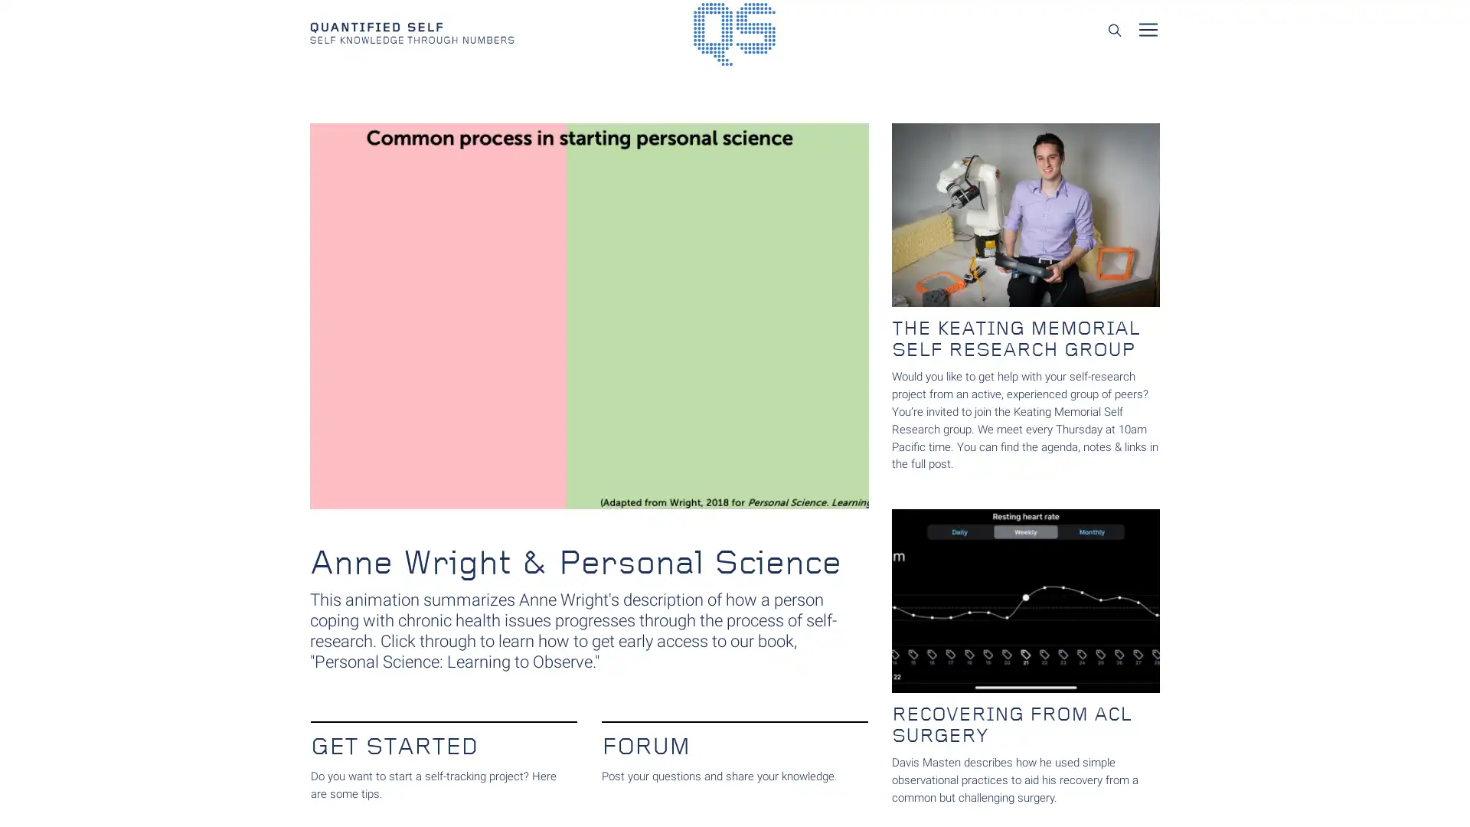 This screenshot has height=827, width=1470. Describe the element at coordinates (1148, 29) in the screenshot. I see `Toggle navigation` at that location.